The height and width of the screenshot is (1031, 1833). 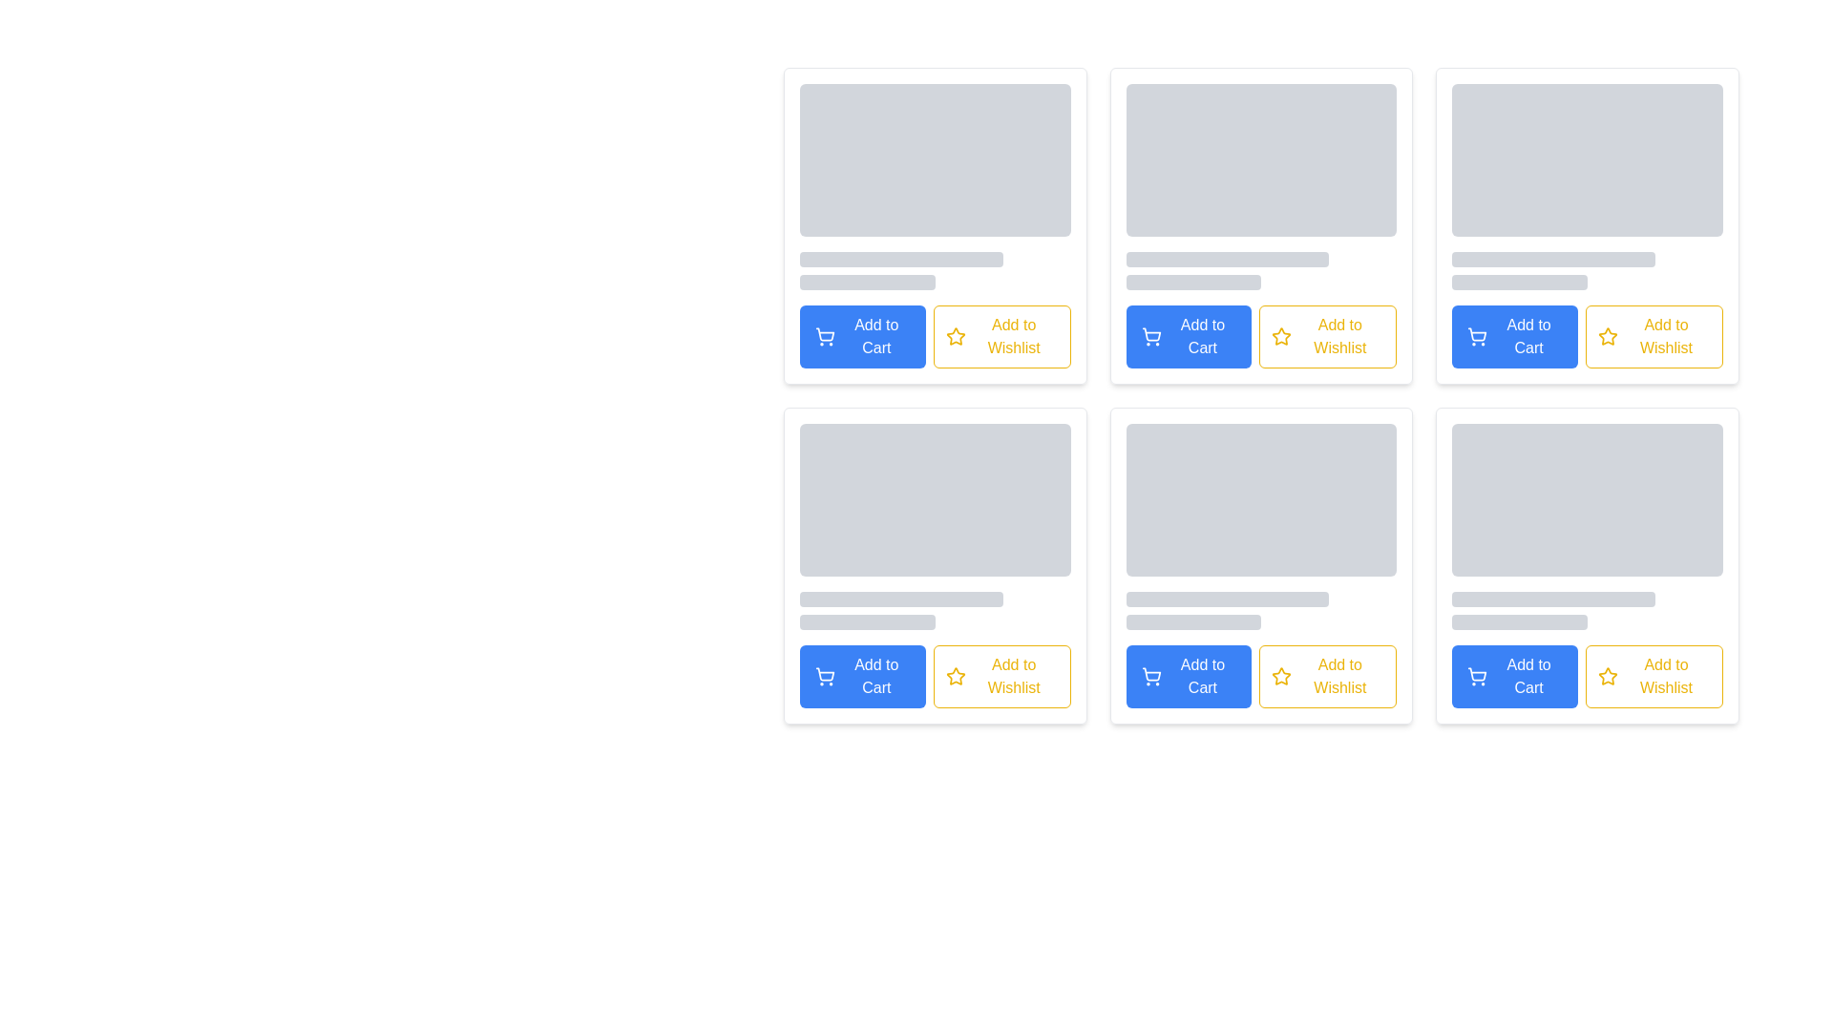 I want to click on the 'Add to Wishlist' button in the button group located at the bottom section of the product card in the second row of the product grid, first column, so click(x=935, y=676).